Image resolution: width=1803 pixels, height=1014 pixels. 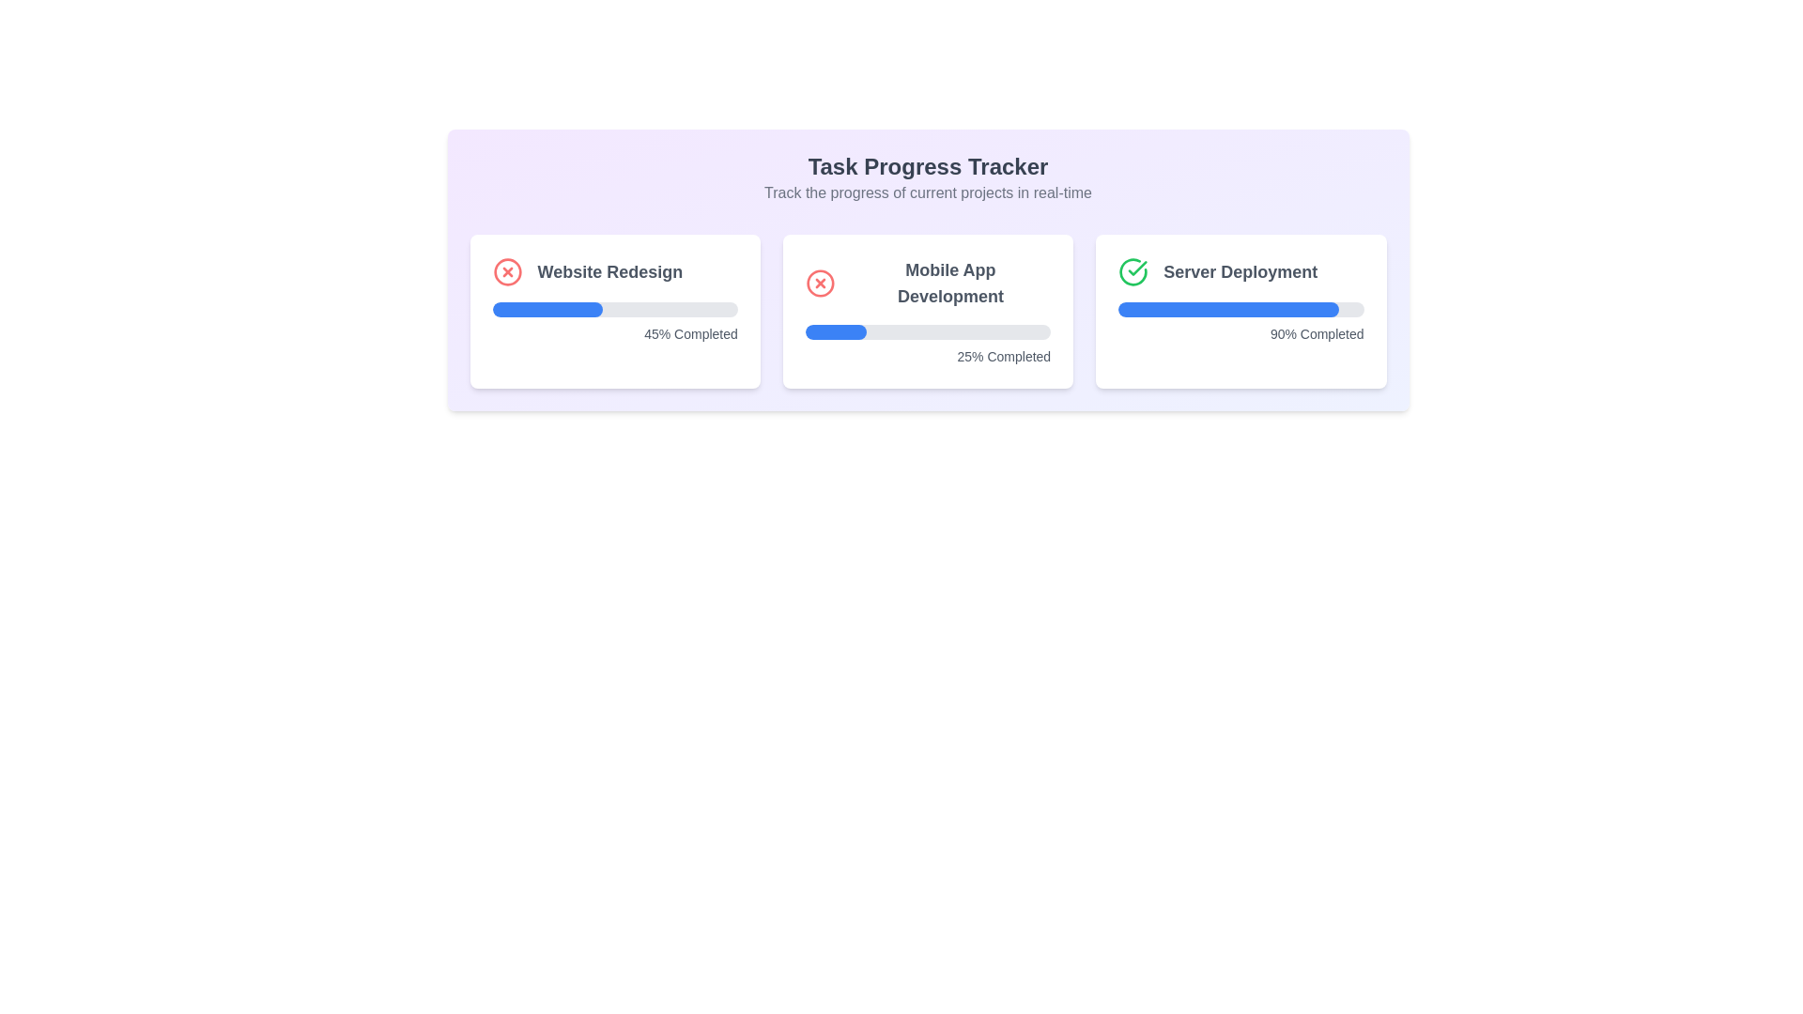 I want to click on the static text element titled 'Website Redesign', which is positioned at the top of the leftmost project card, so click(x=609, y=271).